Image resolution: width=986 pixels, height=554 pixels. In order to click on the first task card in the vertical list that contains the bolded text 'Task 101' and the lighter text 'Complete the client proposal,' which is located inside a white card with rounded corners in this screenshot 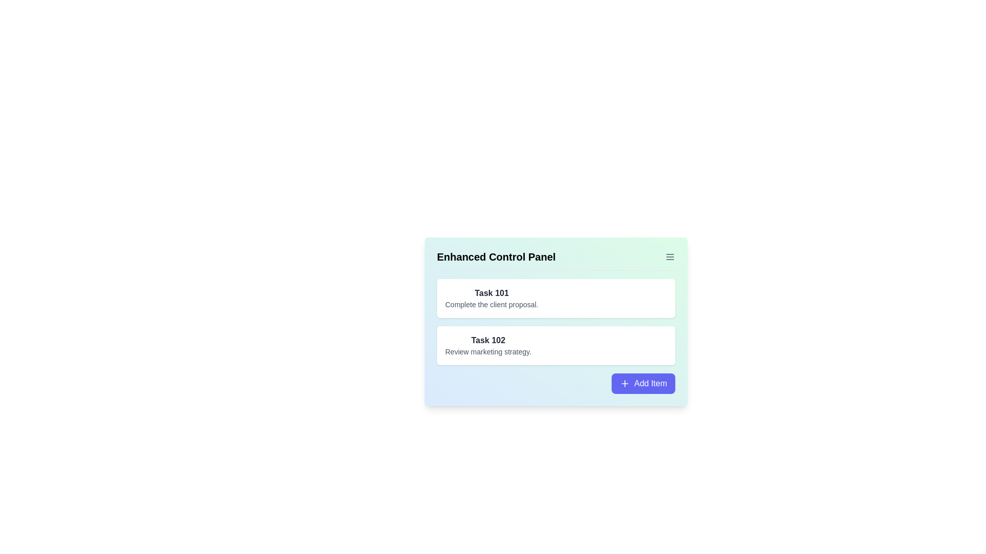, I will do `click(491, 299)`.